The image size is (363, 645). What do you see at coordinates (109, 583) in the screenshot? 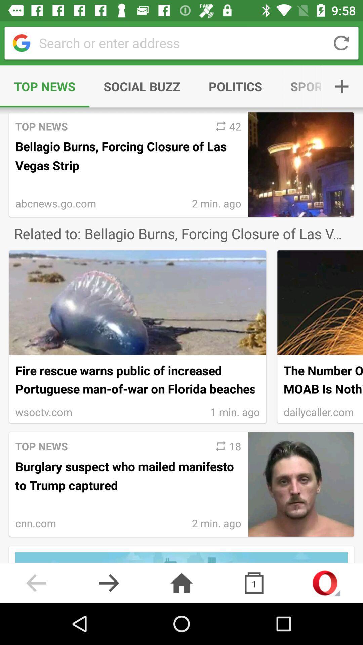
I see `the arrow_forward icon` at bounding box center [109, 583].